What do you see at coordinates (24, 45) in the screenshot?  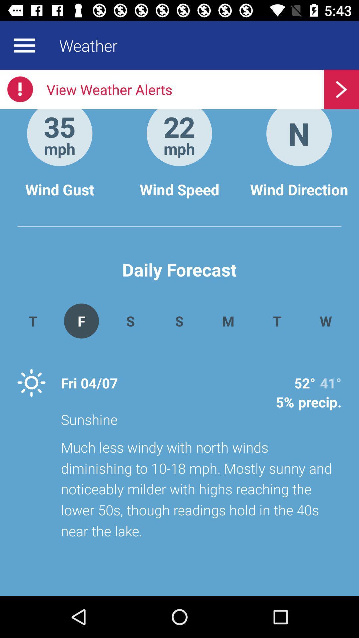 I see `the menu icon` at bounding box center [24, 45].